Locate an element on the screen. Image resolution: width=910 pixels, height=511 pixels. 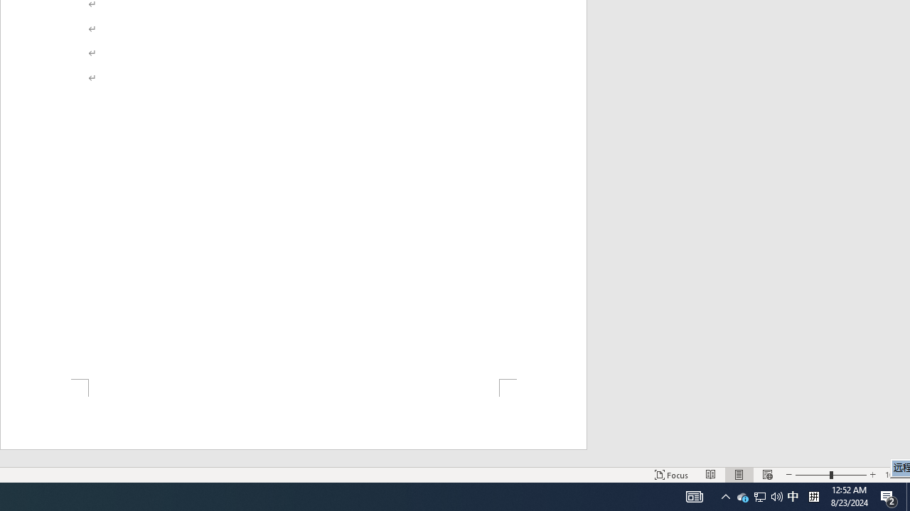
'Zoom Out' is located at coordinates (766, 475).